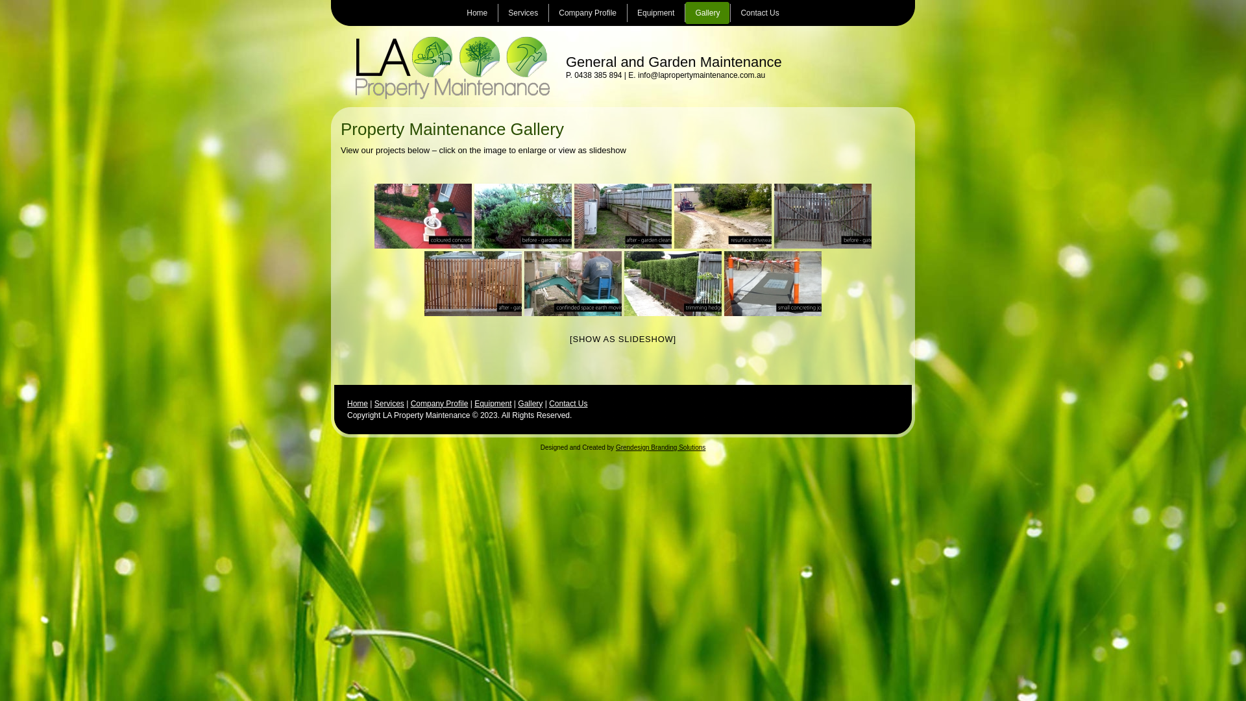  What do you see at coordinates (572, 282) in the screenshot?
I see `'la-property-maintenance-small-space-excavation'` at bounding box center [572, 282].